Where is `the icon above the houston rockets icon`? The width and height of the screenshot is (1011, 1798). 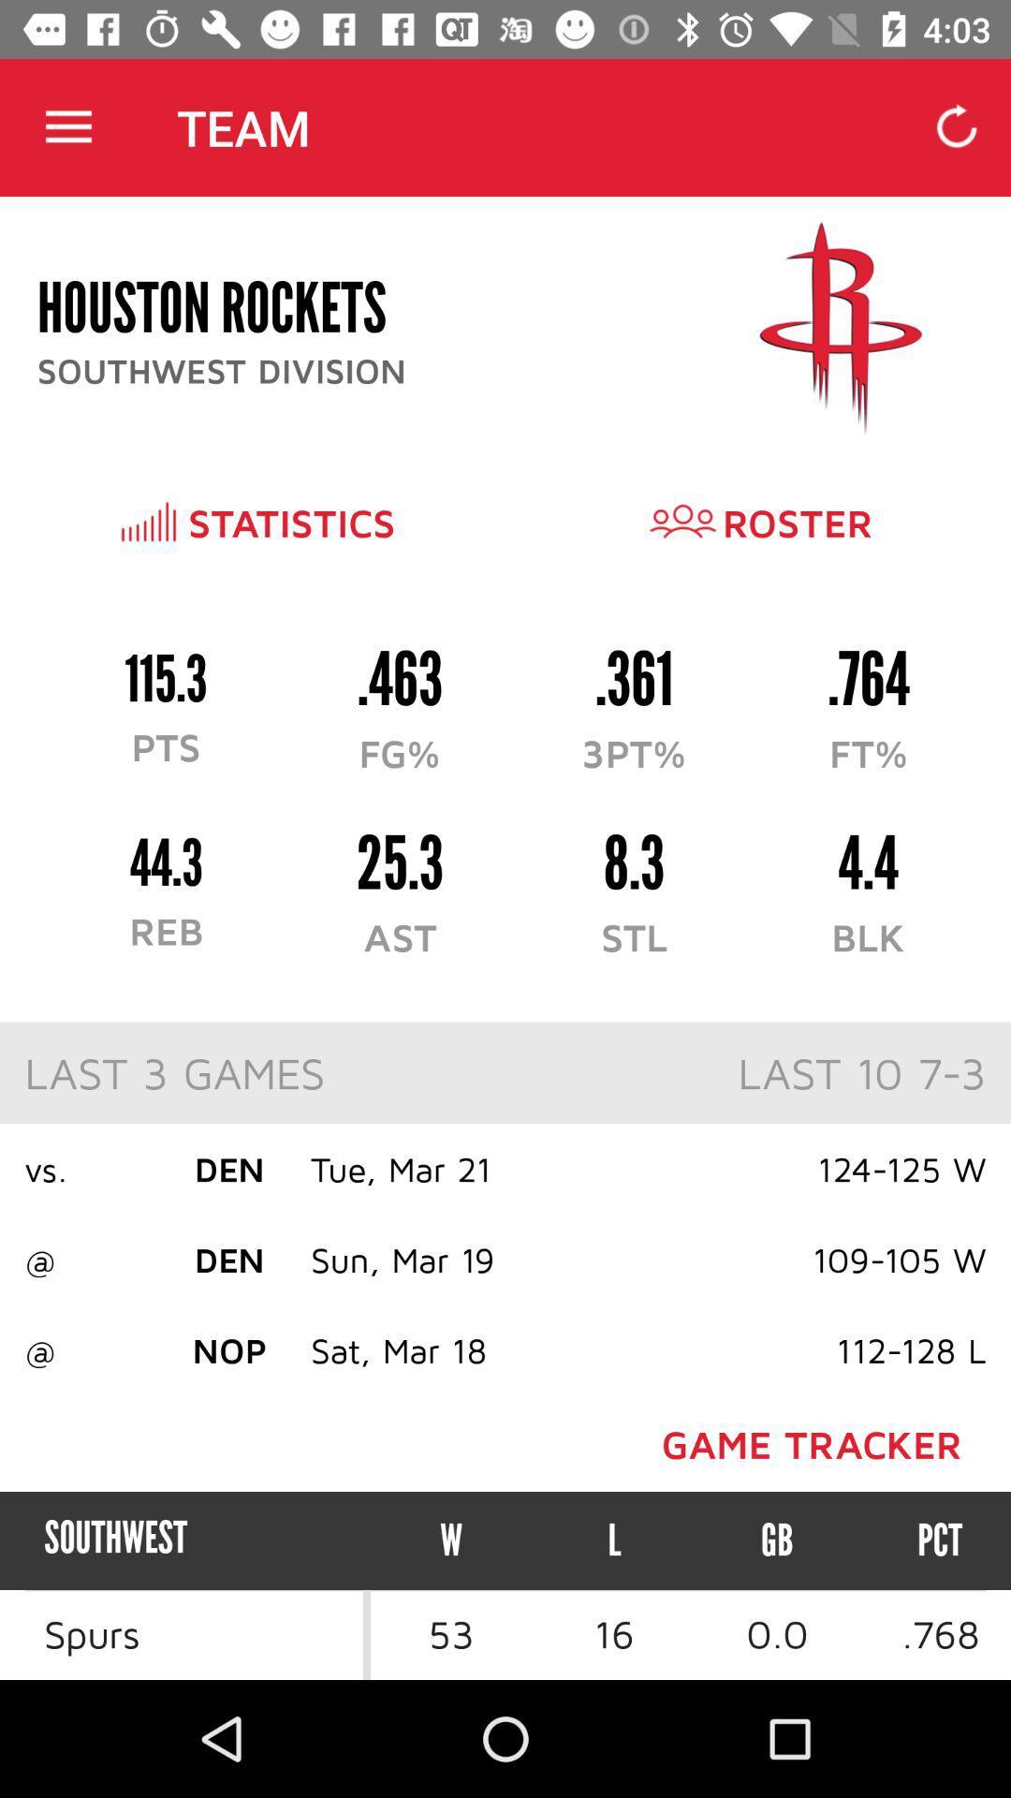
the icon above the houston rockets icon is located at coordinates (67, 126).